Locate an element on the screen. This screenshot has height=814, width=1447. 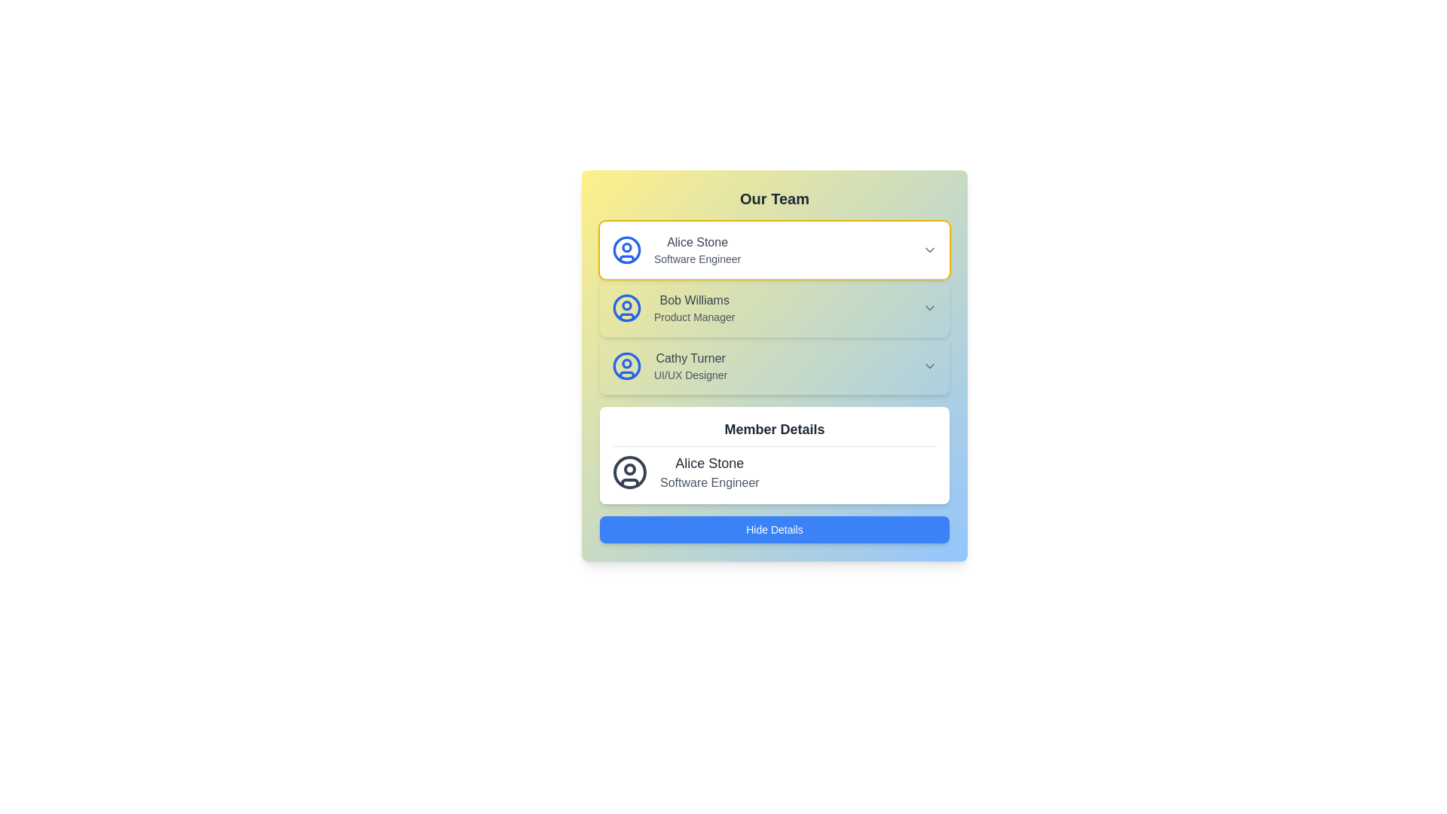
the third team member list item displaying 'Cathy Turner' and 'UI/UX Designer' for context is located at coordinates (690, 366).